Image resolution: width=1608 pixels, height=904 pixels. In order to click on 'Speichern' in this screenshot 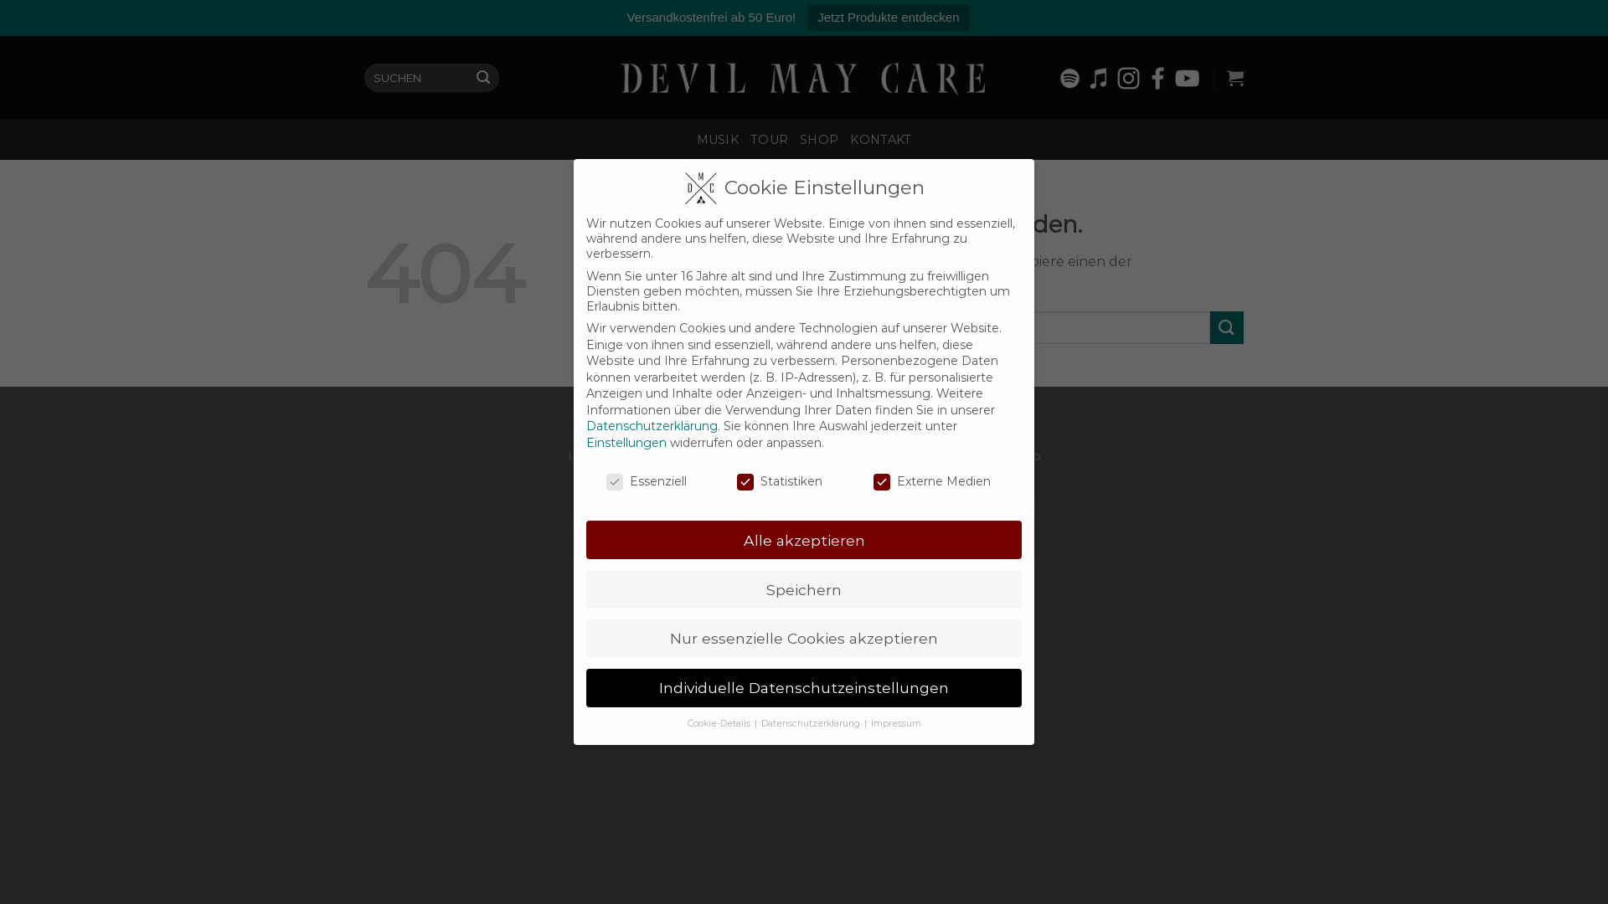, I will do `click(804, 588)`.